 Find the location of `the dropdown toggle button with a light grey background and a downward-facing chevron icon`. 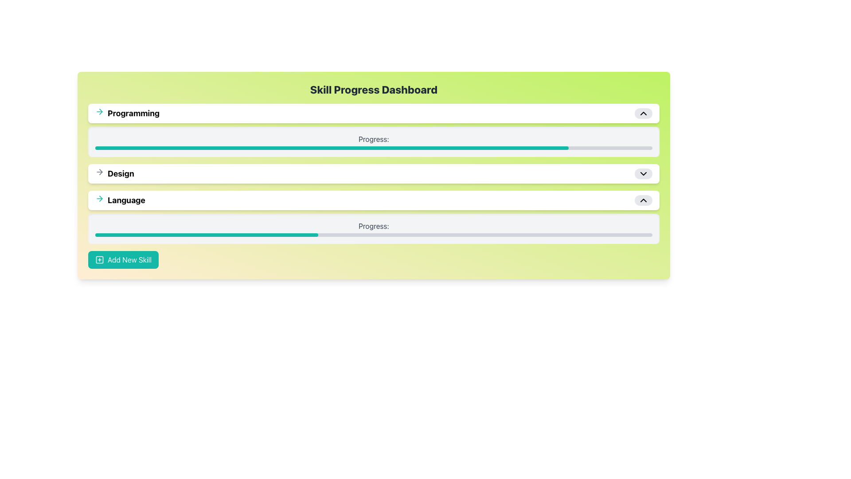

the dropdown toggle button with a light grey background and a downward-facing chevron icon is located at coordinates (643, 174).